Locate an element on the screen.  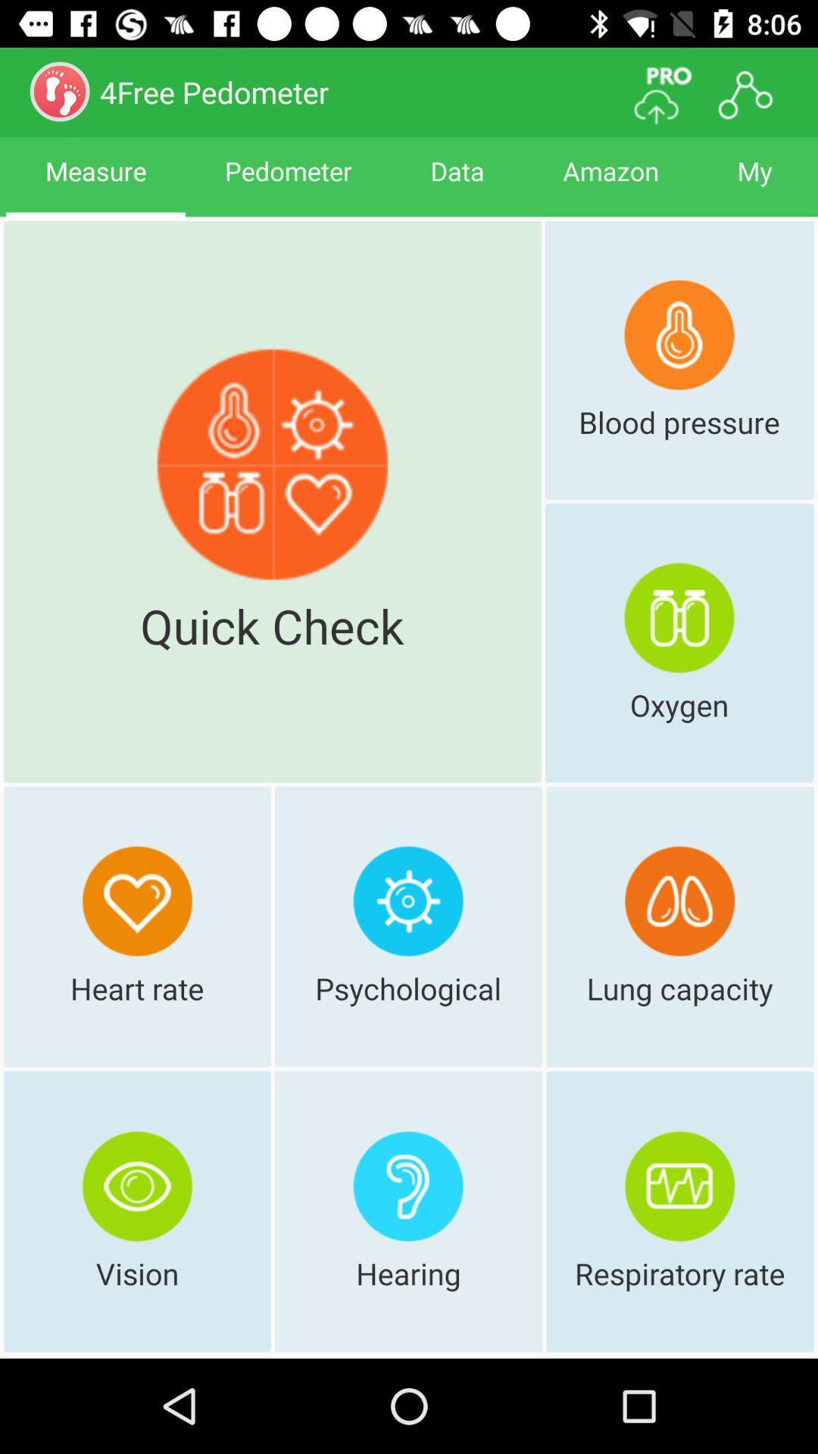
data icon is located at coordinates (457, 184).